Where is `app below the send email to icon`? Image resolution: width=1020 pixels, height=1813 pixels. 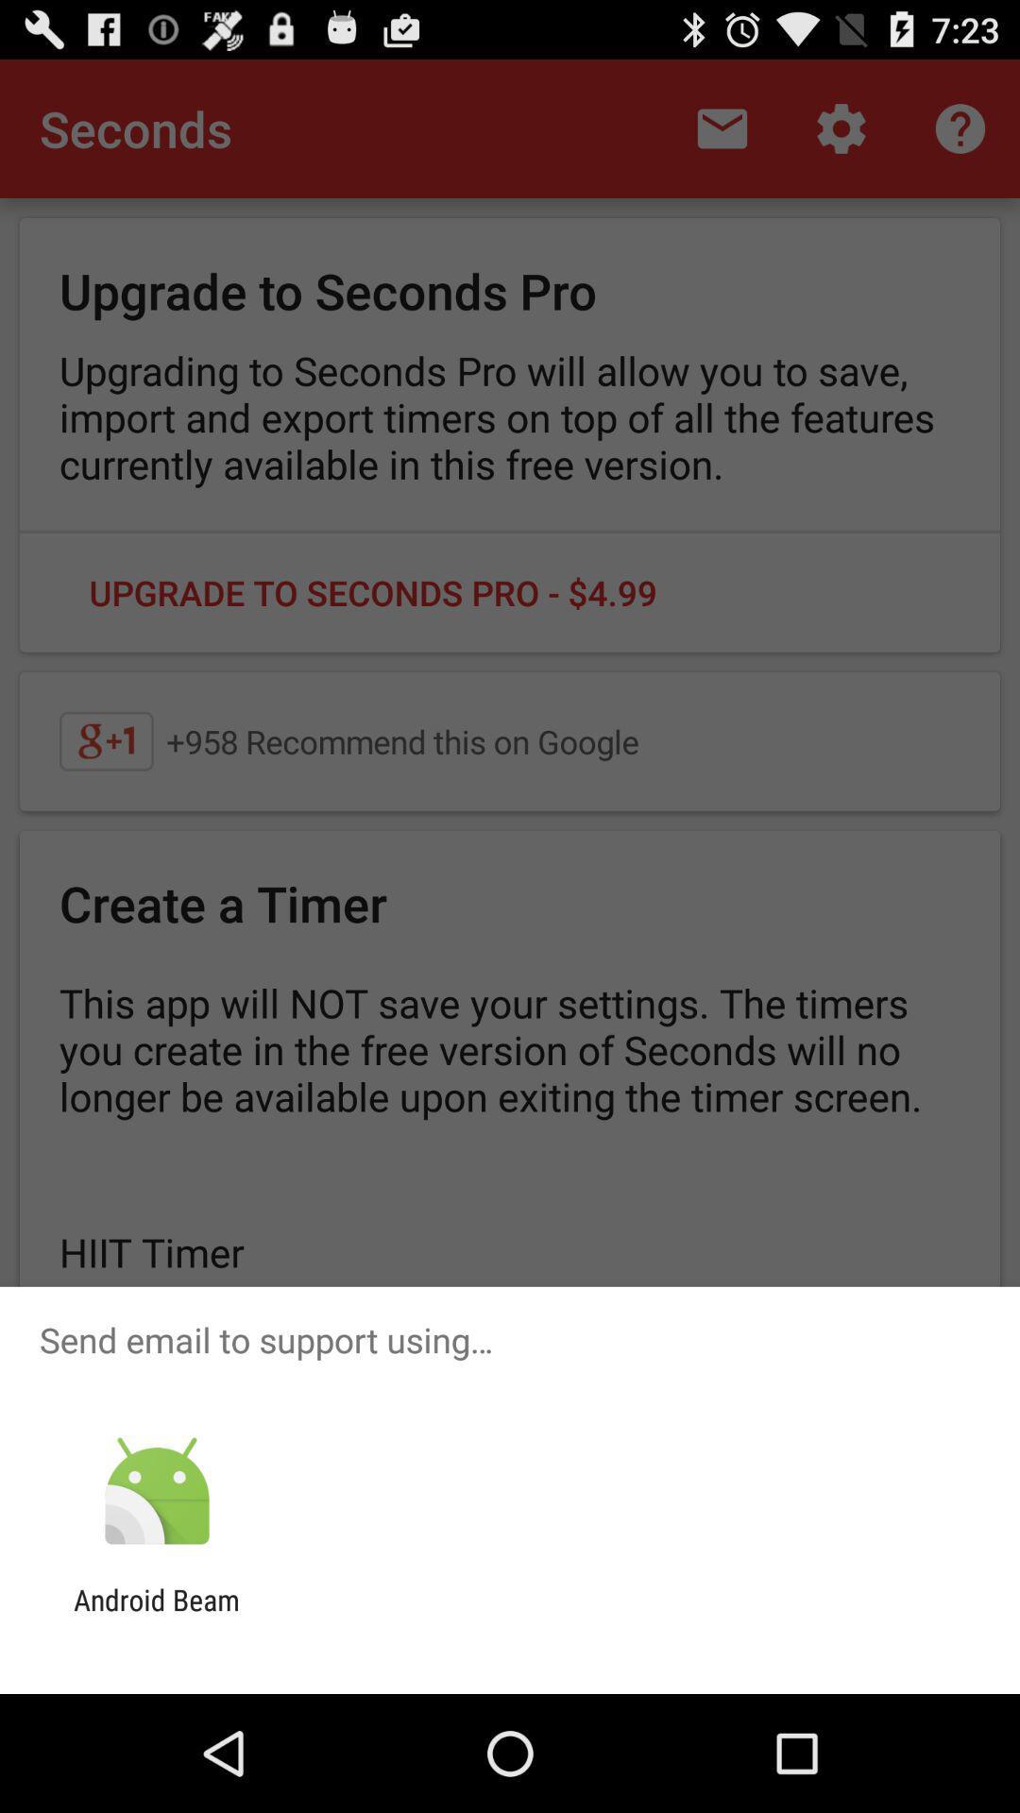
app below the send email to icon is located at coordinates (156, 1491).